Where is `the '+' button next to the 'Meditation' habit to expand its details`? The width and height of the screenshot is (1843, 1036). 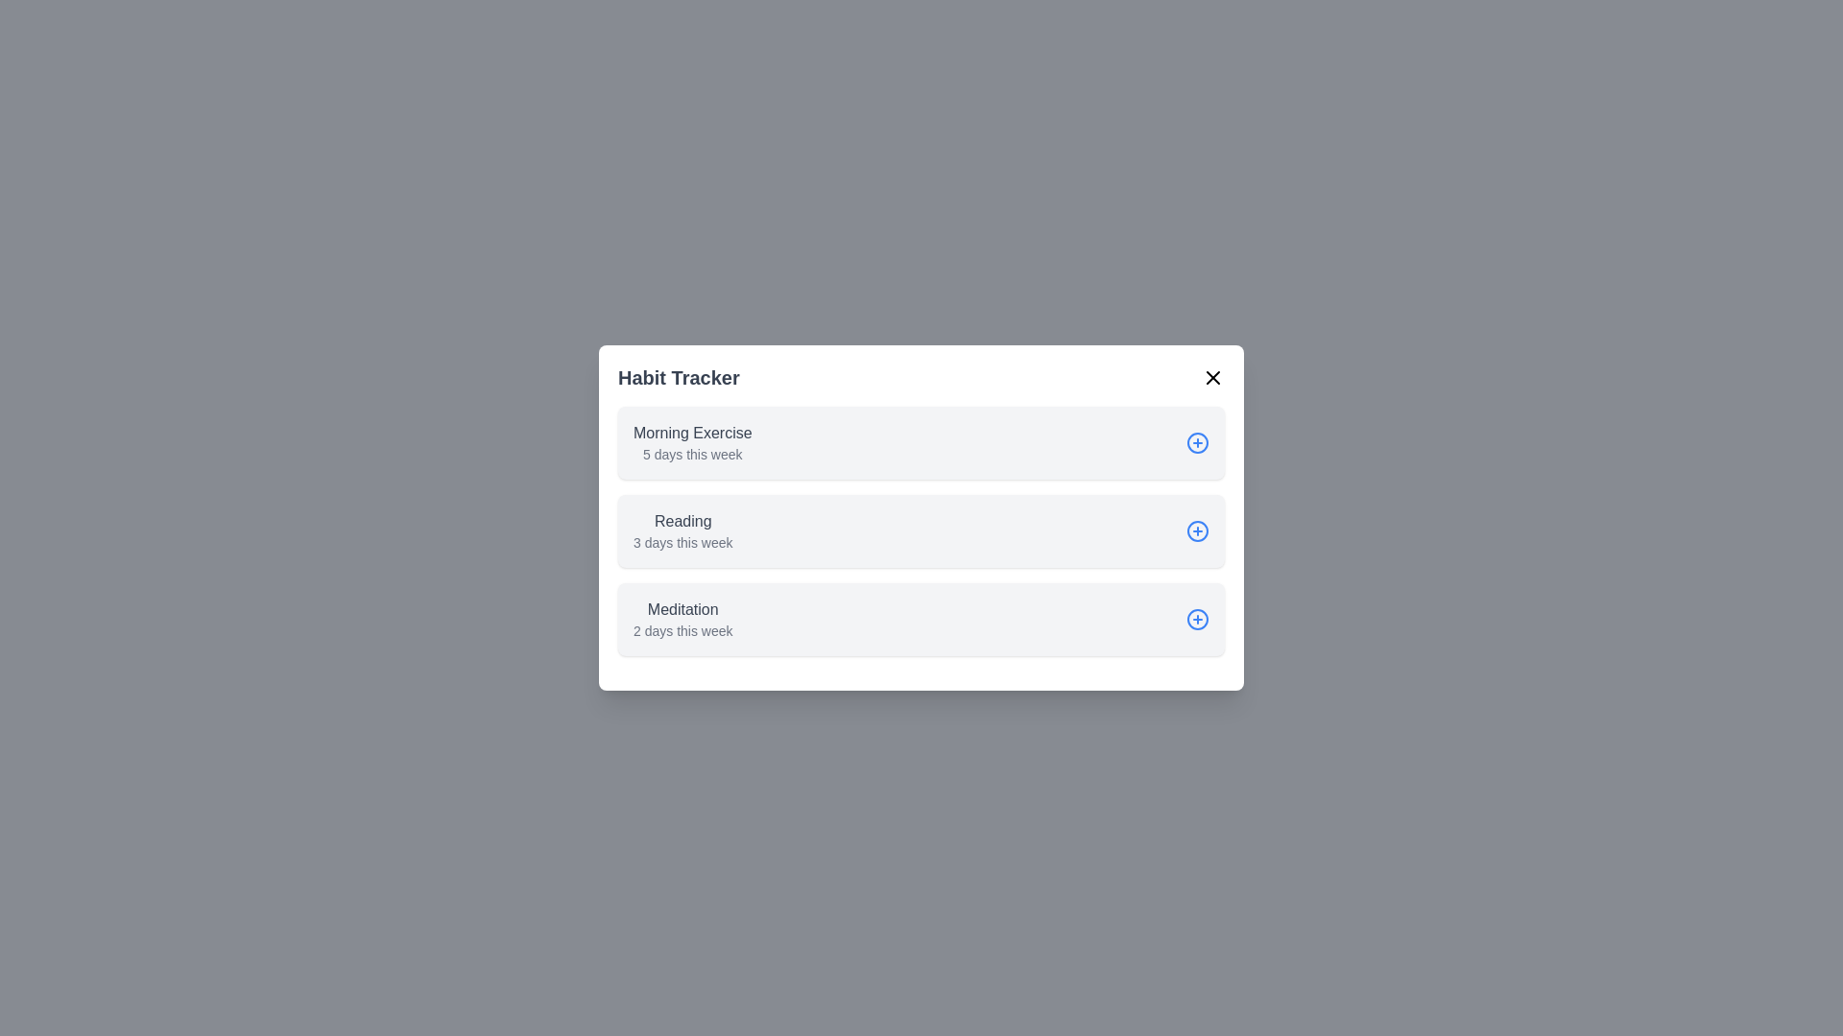 the '+' button next to the 'Meditation' habit to expand its details is located at coordinates (1197, 619).